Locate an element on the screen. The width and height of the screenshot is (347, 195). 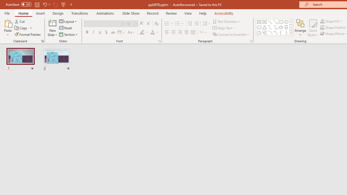
'Arrow: Right' is located at coordinates (281, 27).